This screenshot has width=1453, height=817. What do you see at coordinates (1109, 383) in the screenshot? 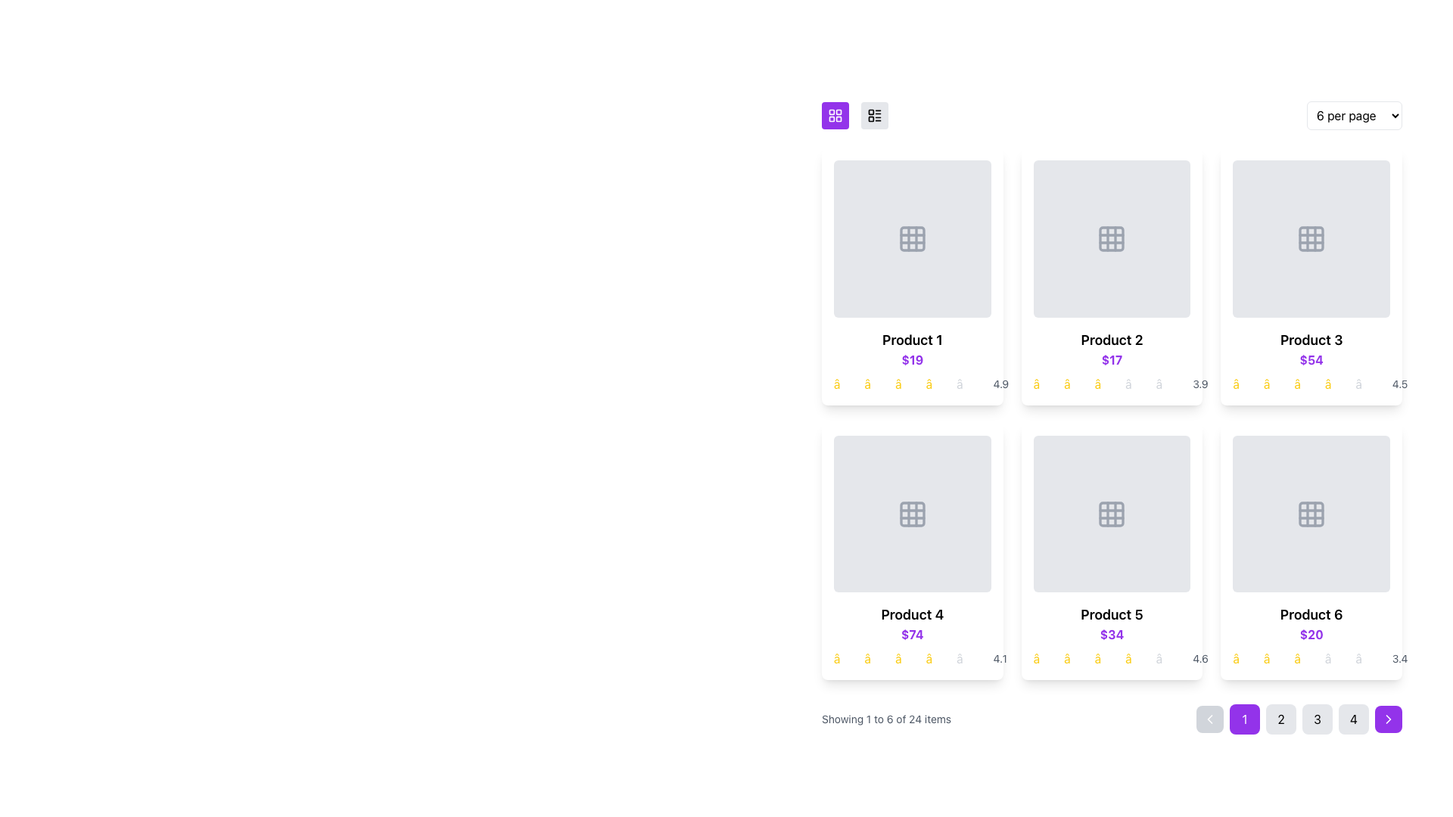
I see `the Rating widget representing a 3 out of 5 rating for 'Product 2' located in the top row and second column of the grid` at bounding box center [1109, 383].